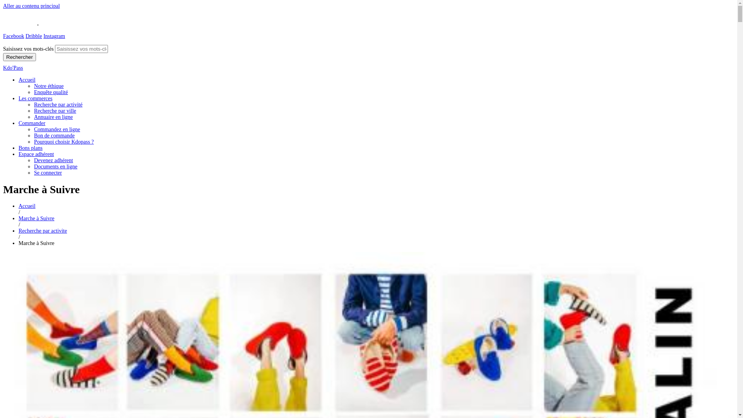  I want to click on 'Commander', so click(31, 123).